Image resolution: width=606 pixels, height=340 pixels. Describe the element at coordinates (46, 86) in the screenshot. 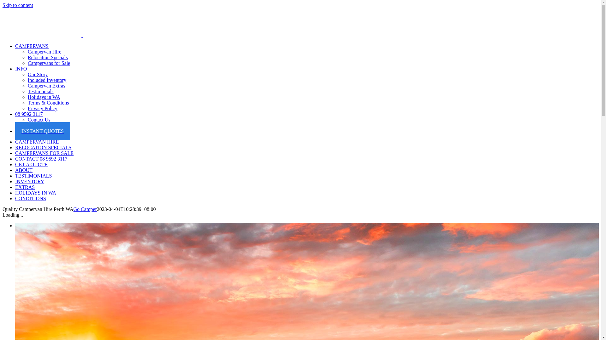

I see `'Campervan Extras'` at that location.